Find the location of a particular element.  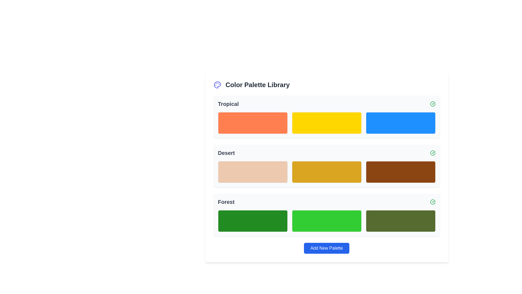

the green circular checkmark icon indicating a successful state in the top-right corner of the 'Tropical' section is located at coordinates (432, 104).